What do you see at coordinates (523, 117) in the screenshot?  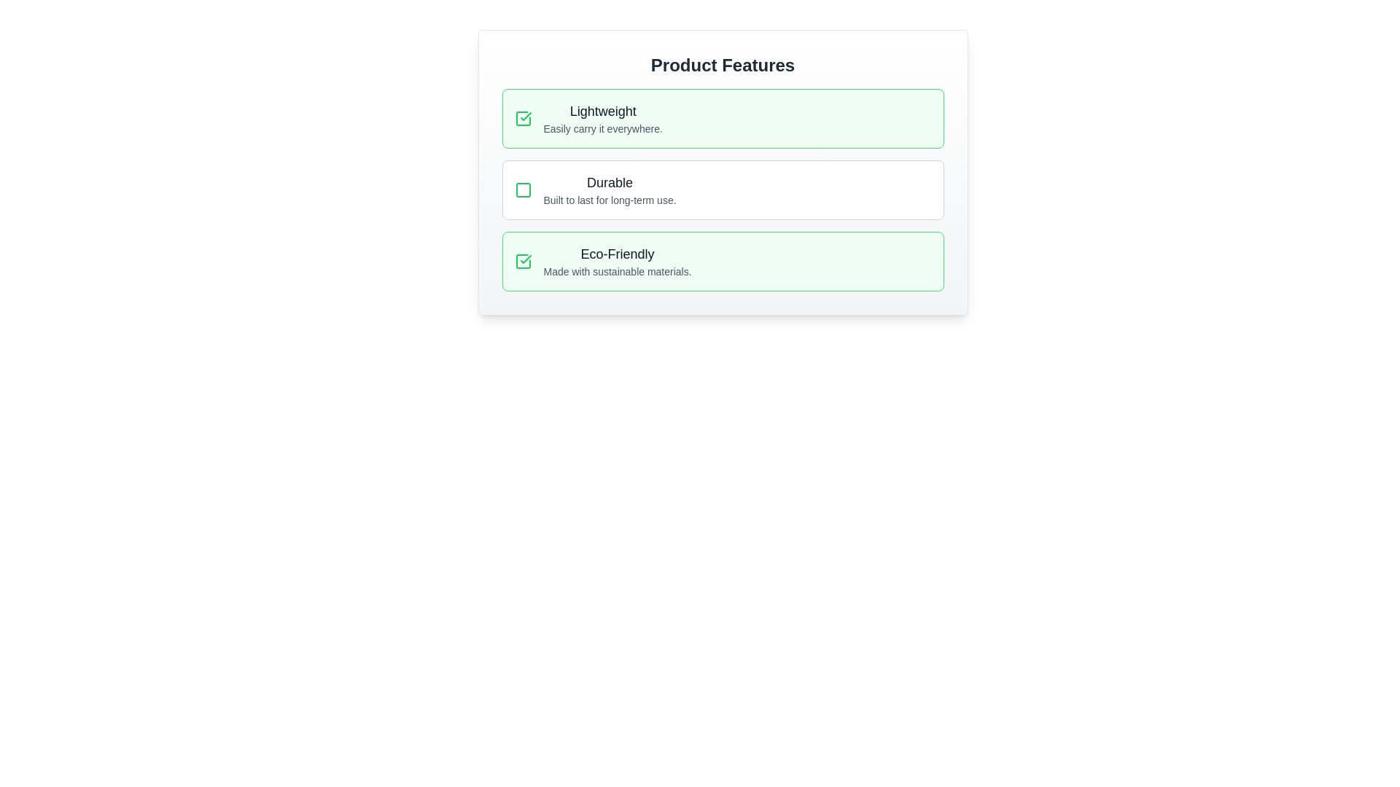 I see `the 'Lightweight' feature icon, which is the leftmost component in the first box under the 'Product Features' heading` at bounding box center [523, 117].